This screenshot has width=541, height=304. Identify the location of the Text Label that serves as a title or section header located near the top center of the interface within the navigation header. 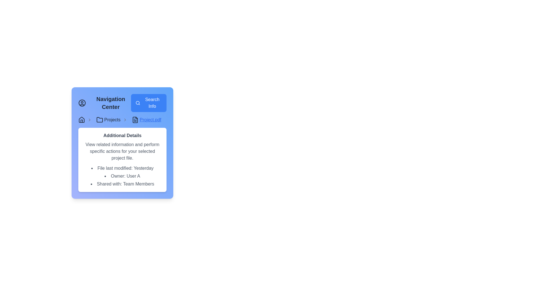
(111, 103).